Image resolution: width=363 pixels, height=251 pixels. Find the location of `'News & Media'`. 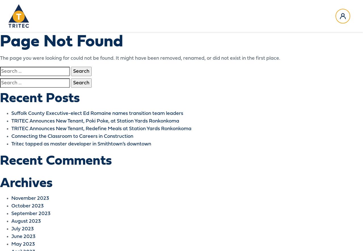

'News & Media' is located at coordinates (180, 7).